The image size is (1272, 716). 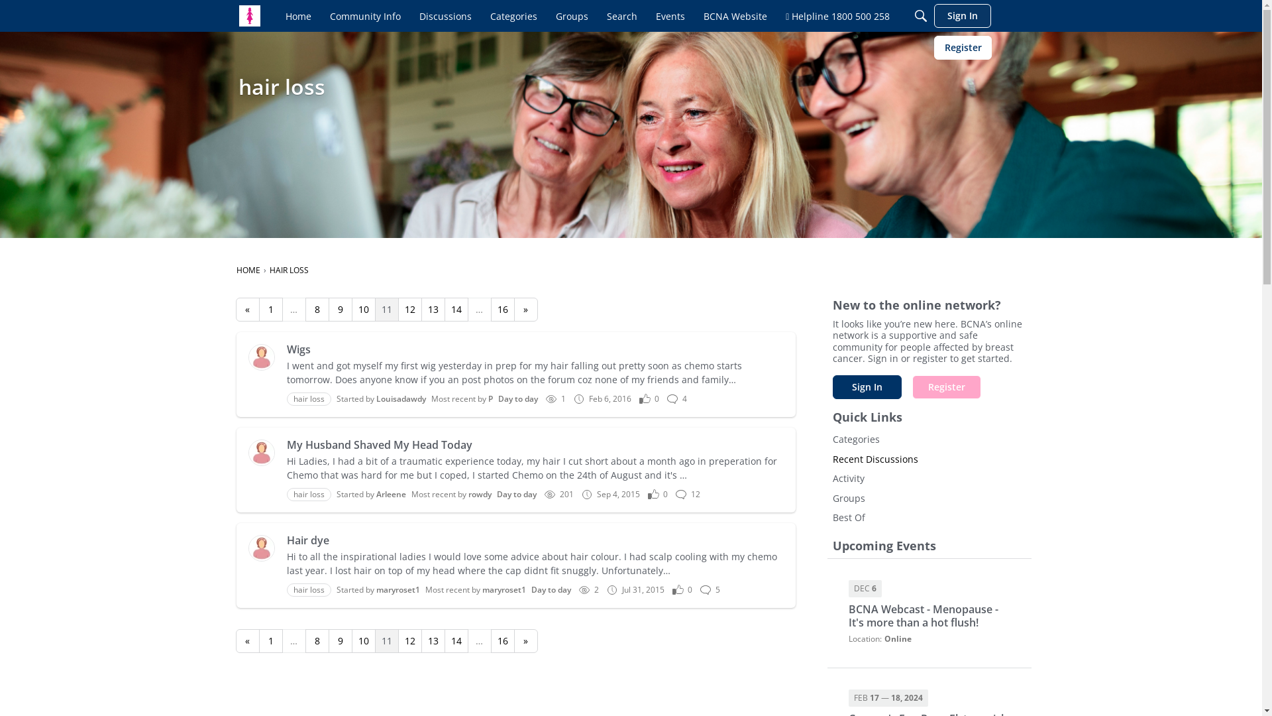 What do you see at coordinates (350, 640) in the screenshot?
I see `'10'` at bounding box center [350, 640].